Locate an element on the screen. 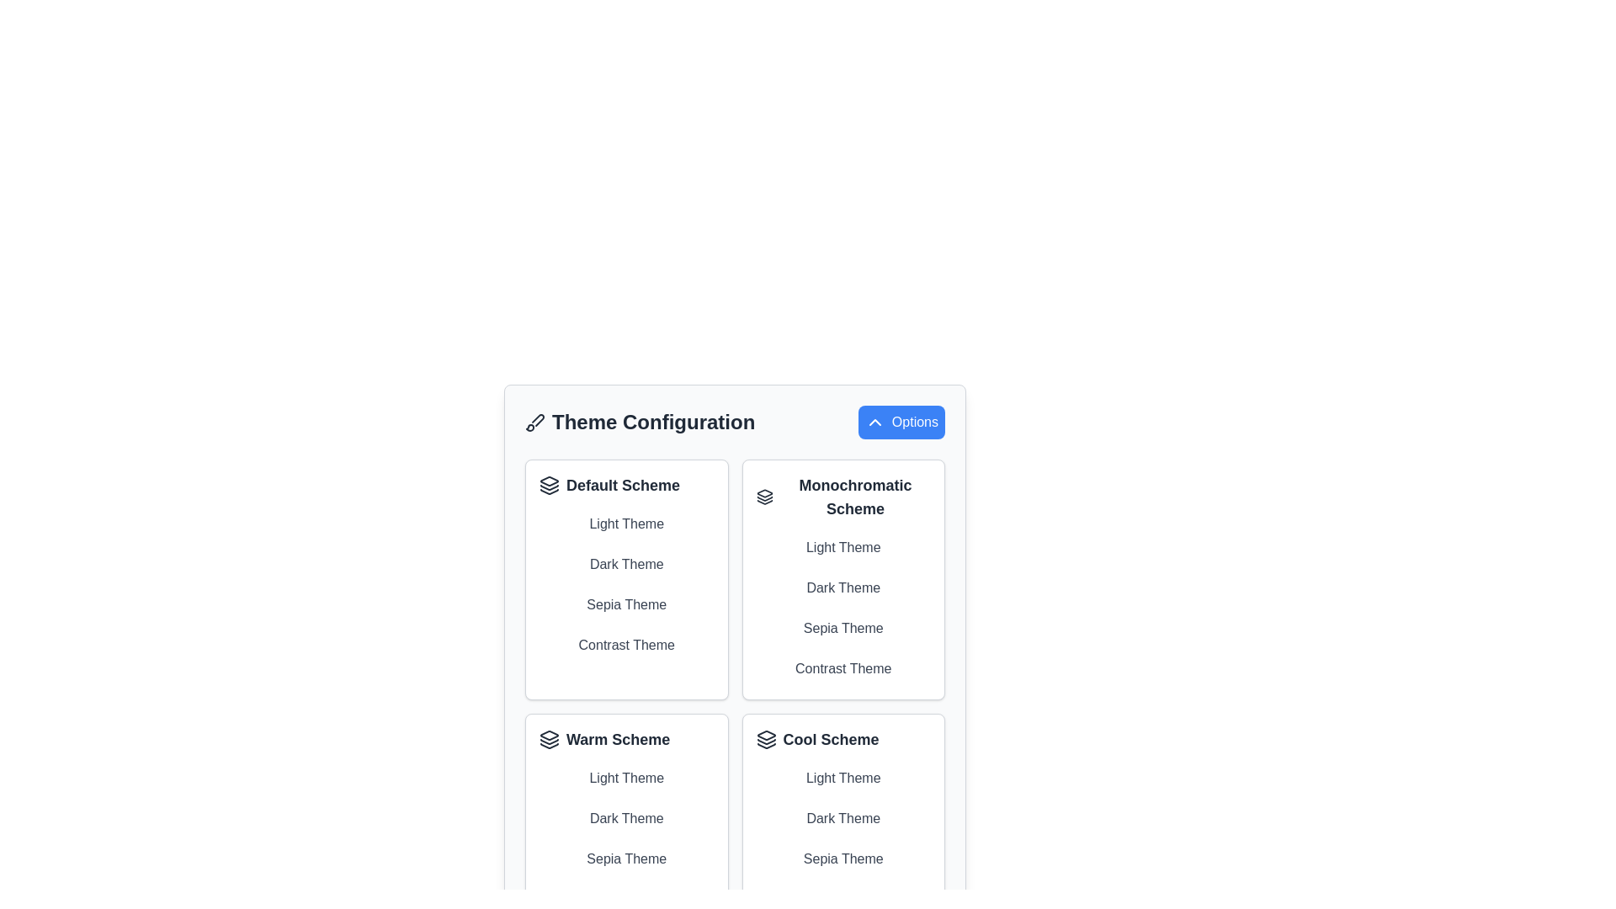 The width and height of the screenshot is (1616, 909). the icon resembling a stack of layers next is located at coordinates (549, 486).